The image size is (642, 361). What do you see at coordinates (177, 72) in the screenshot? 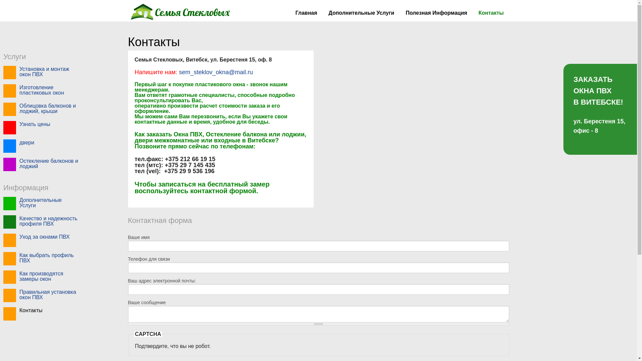
I see `'sem_steklov_okna@mail.ru'` at bounding box center [177, 72].